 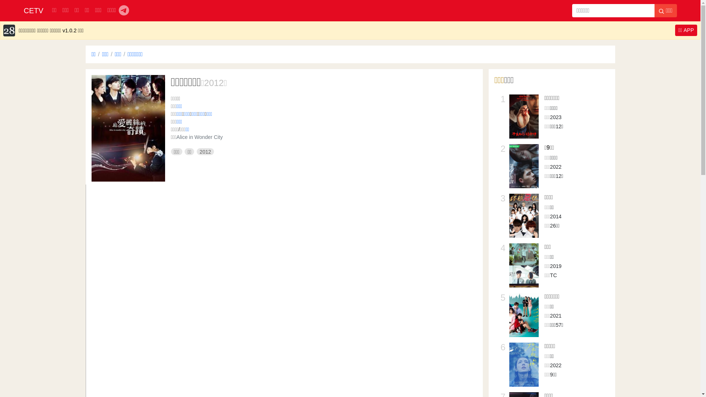 What do you see at coordinates (23, 11) in the screenshot?
I see `'CETV'` at bounding box center [23, 11].